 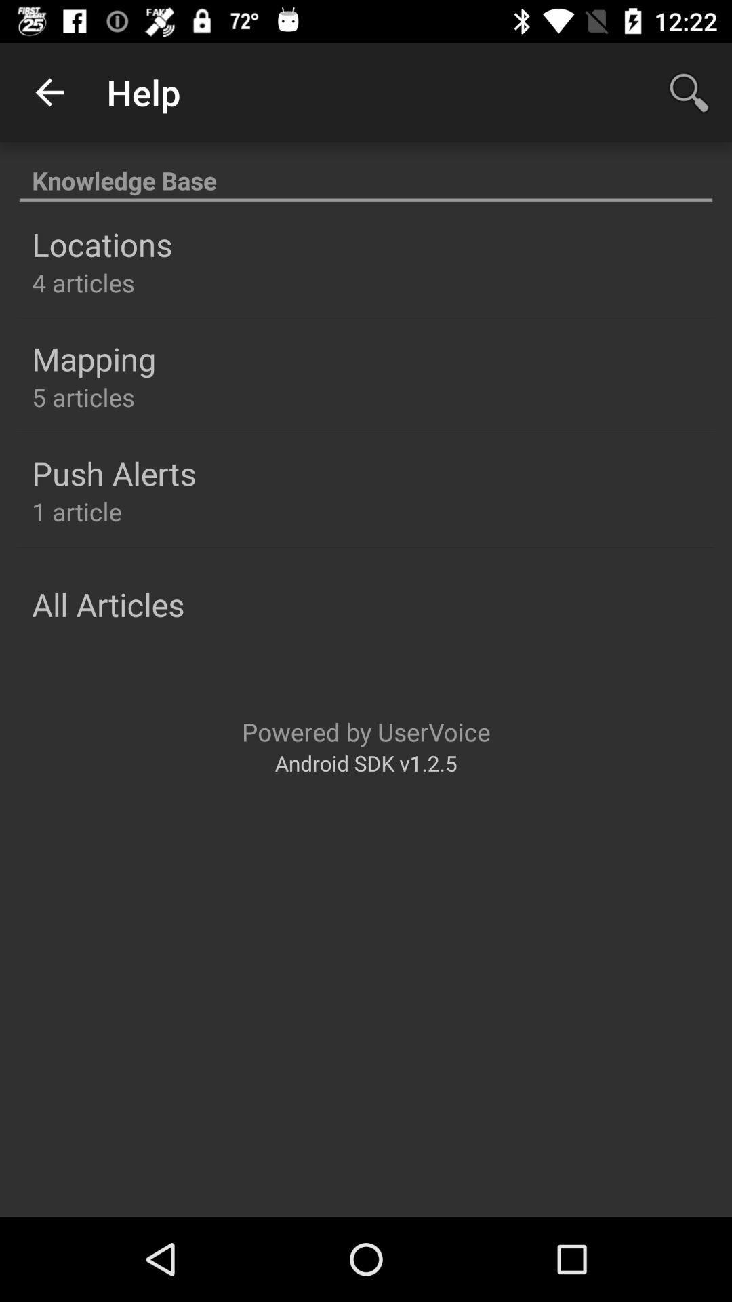 What do you see at coordinates (101, 244) in the screenshot?
I see `the locations` at bounding box center [101, 244].